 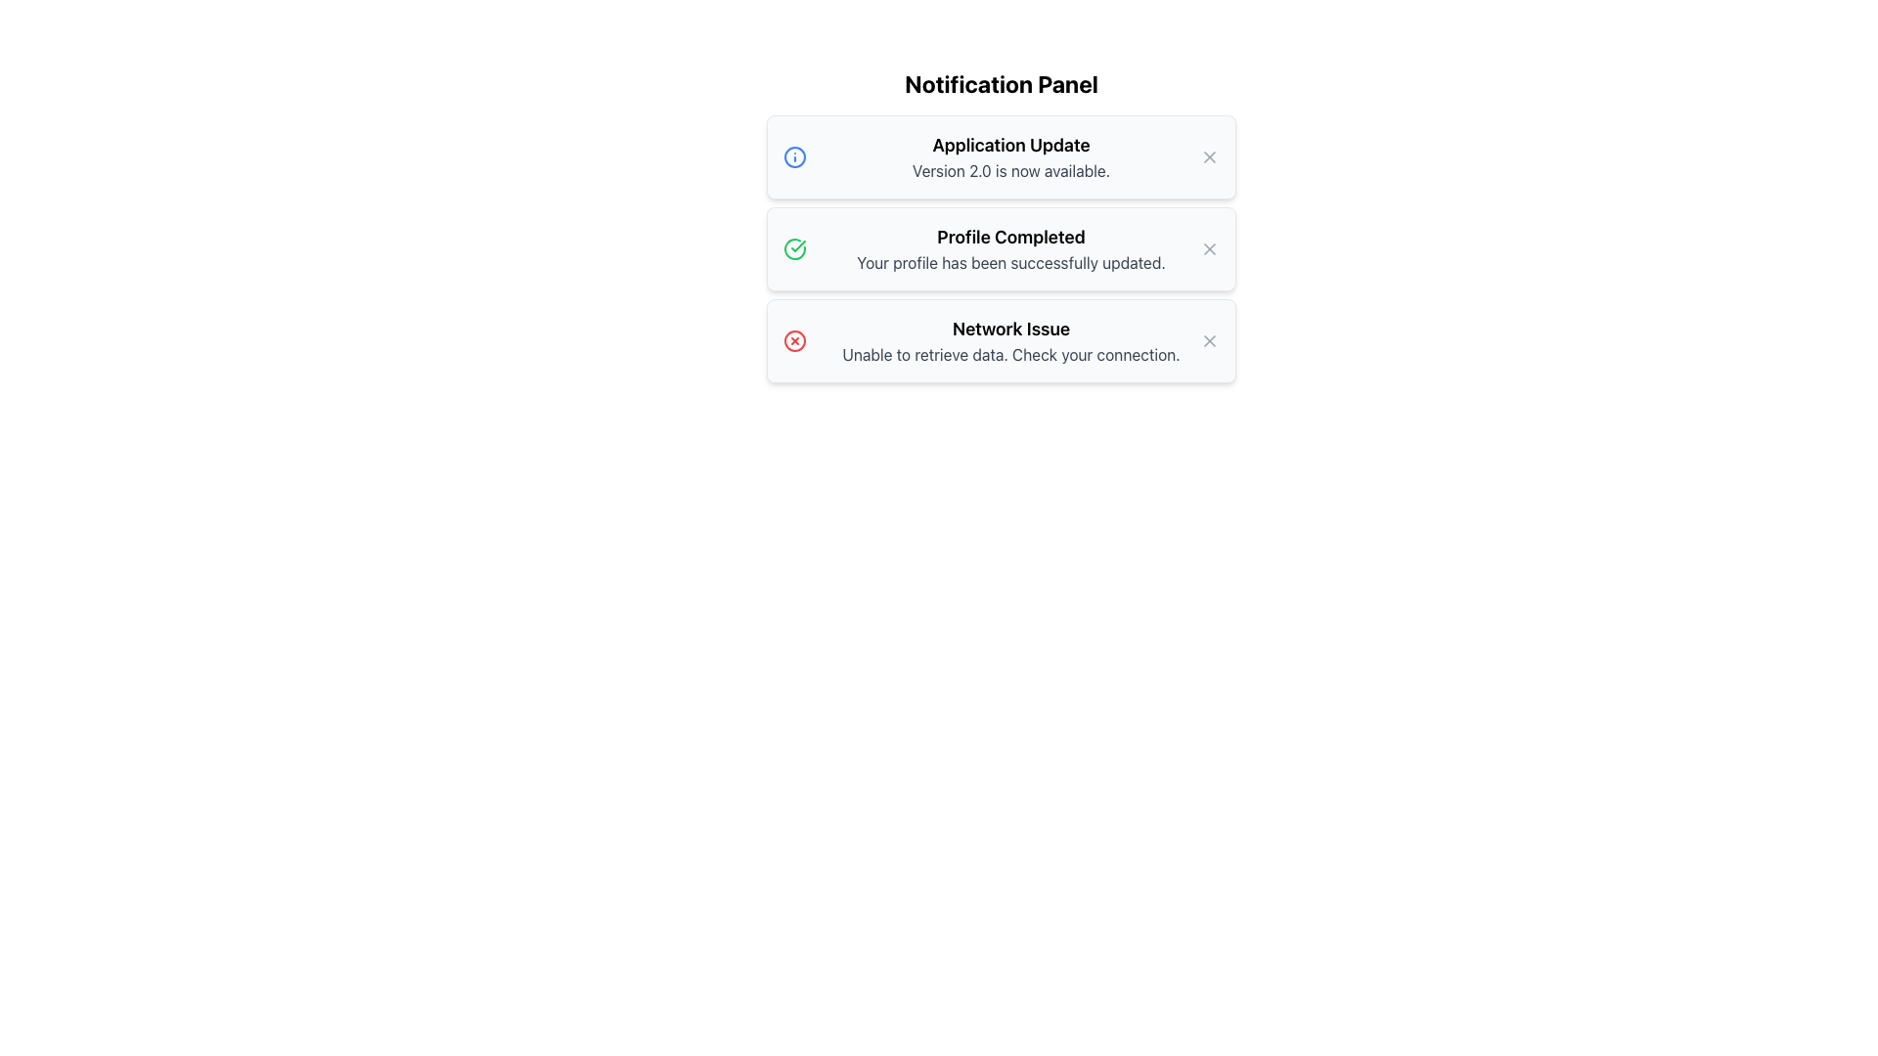 What do you see at coordinates (794, 247) in the screenshot?
I see `the icon indicating successful profile update, located on the leftmost side of the 'Profile Completed' notification in the notification panel` at bounding box center [794, 247].